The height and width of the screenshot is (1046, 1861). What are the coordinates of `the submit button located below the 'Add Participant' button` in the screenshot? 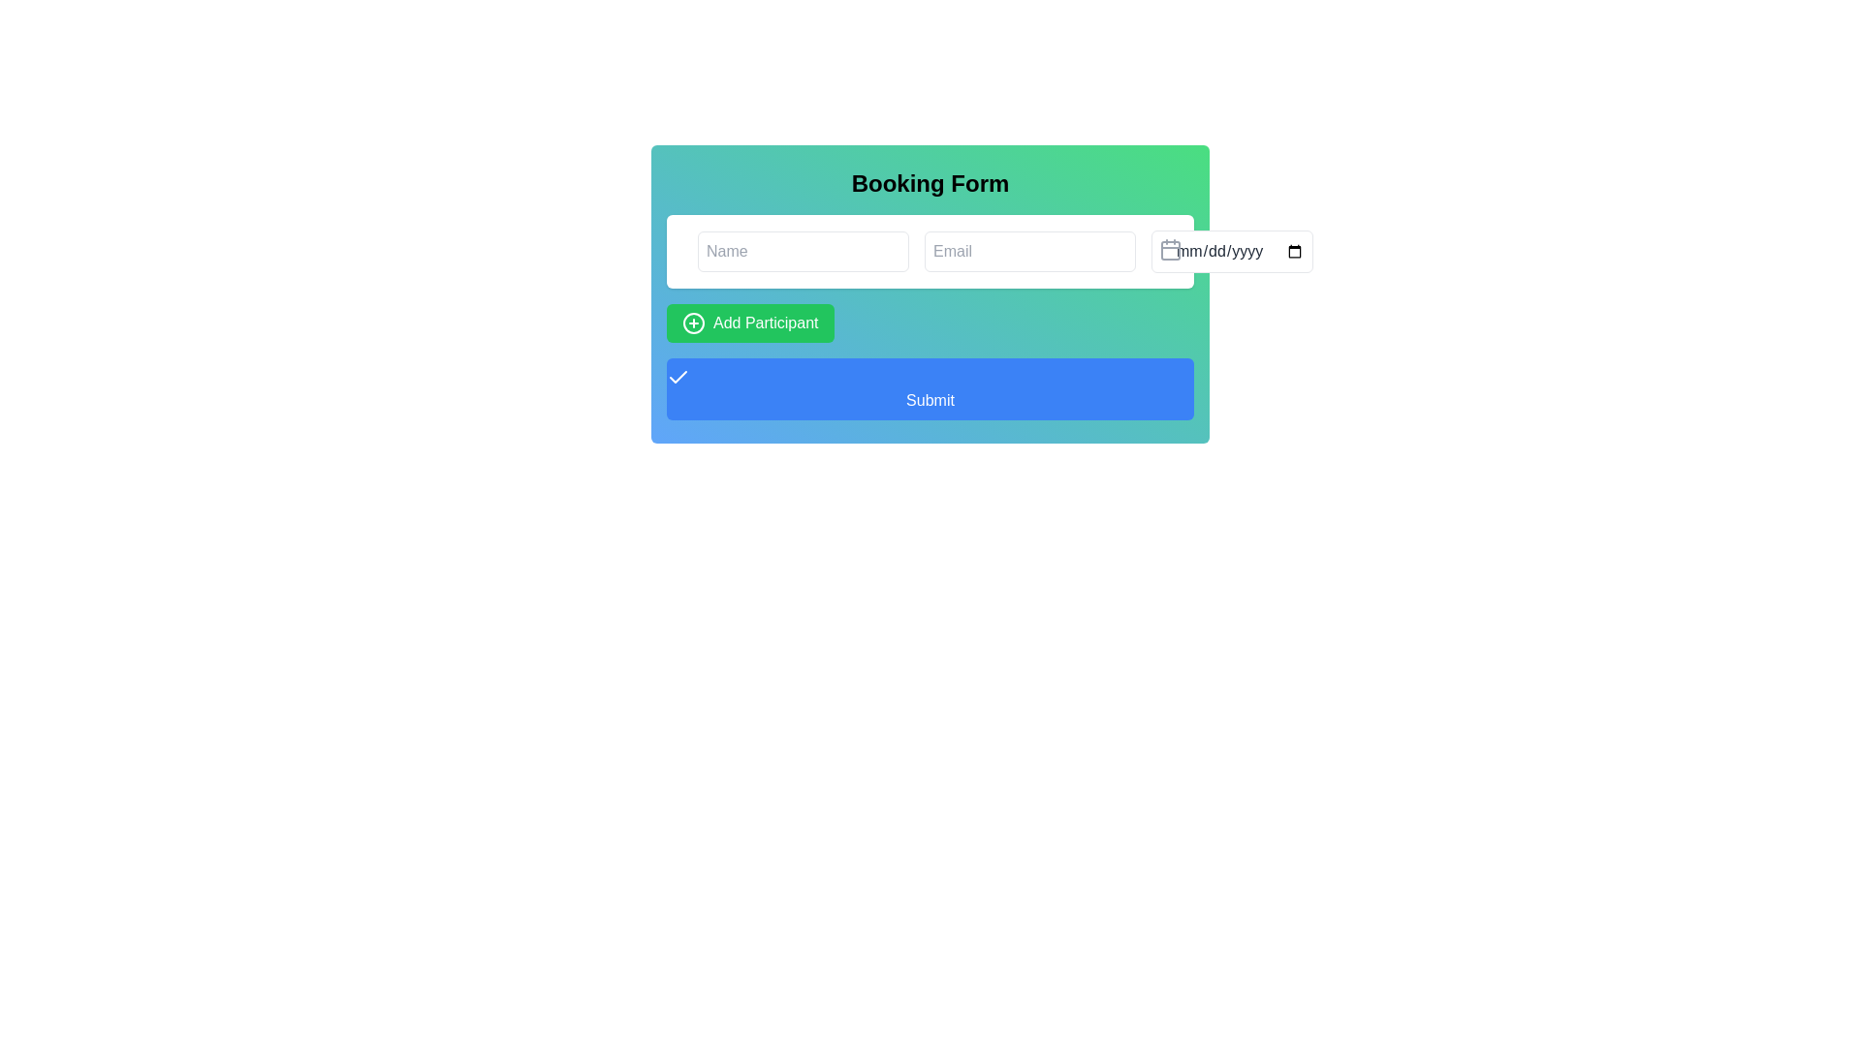 It's located at (930, 388).